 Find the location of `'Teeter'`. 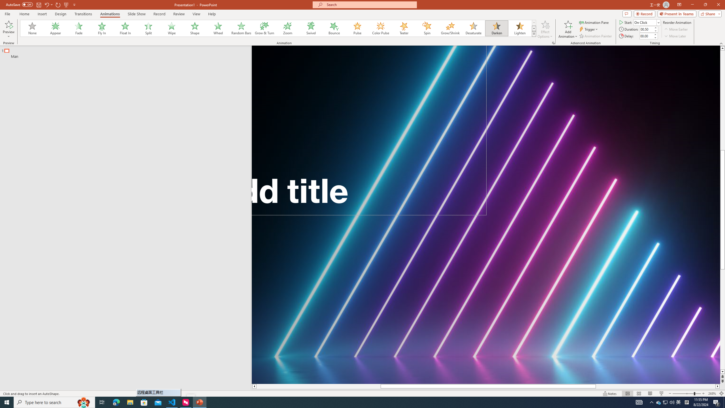

'Teeter' is located at coordinates (403, 28).